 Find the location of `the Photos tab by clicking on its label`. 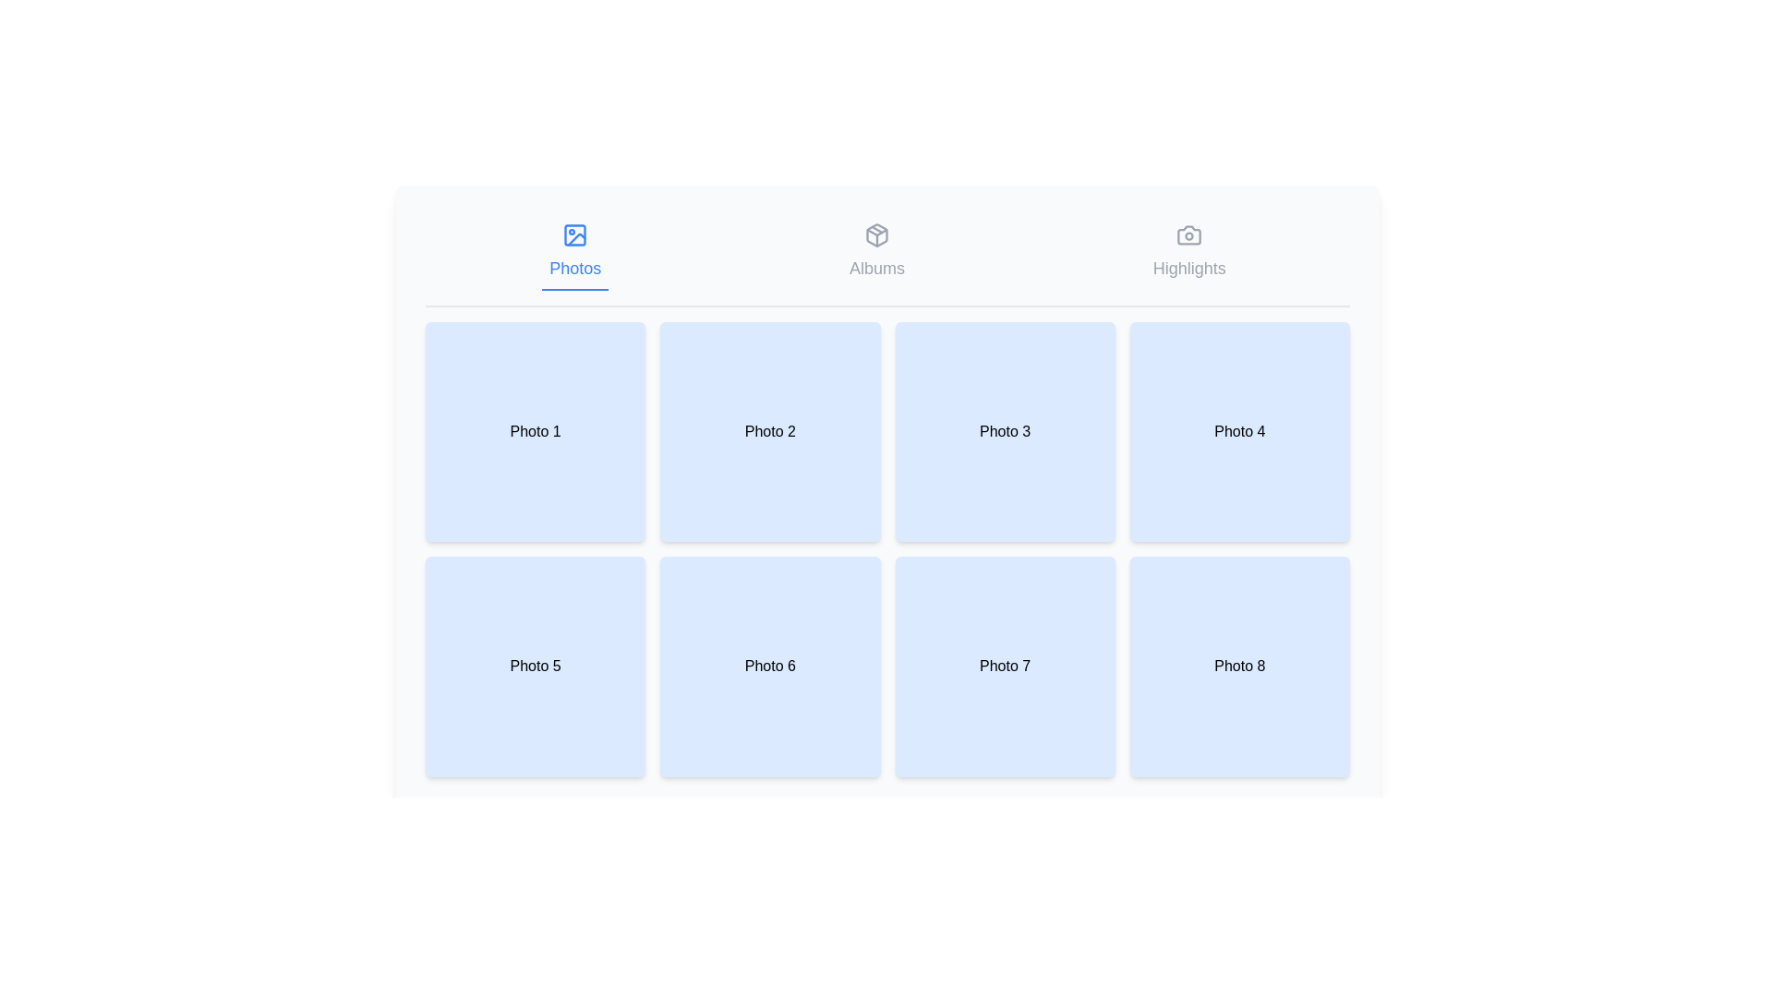

the Photos tab by clicking on its label is located at coordinates (574, 252).